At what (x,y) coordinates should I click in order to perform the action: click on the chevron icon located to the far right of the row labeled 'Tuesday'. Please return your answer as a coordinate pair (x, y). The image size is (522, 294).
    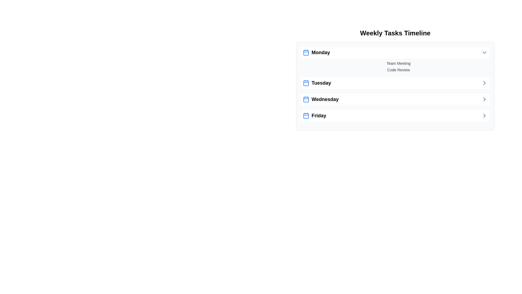
    Looking at the image, I should click on (484, 83).